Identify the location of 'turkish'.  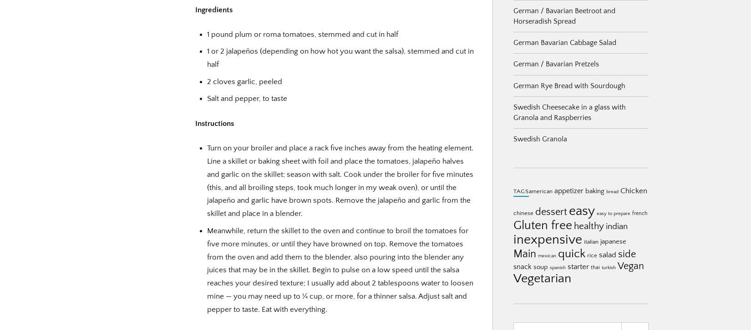
(608, 267).